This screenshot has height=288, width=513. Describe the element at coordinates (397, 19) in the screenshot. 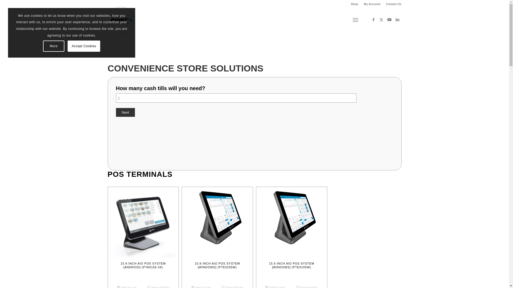

I see `'LinkedIn'` at that location.